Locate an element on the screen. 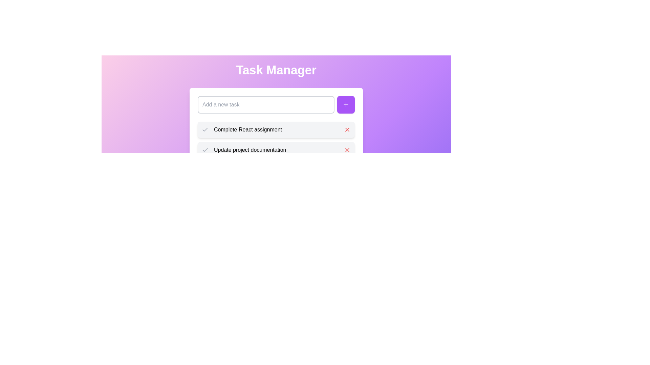 This screenshot has width=650, height=365. the delete icon represented by an SVG graphic located at the far right of the row containing the task 'Update project documentation' is located at coordinates (347, 149).